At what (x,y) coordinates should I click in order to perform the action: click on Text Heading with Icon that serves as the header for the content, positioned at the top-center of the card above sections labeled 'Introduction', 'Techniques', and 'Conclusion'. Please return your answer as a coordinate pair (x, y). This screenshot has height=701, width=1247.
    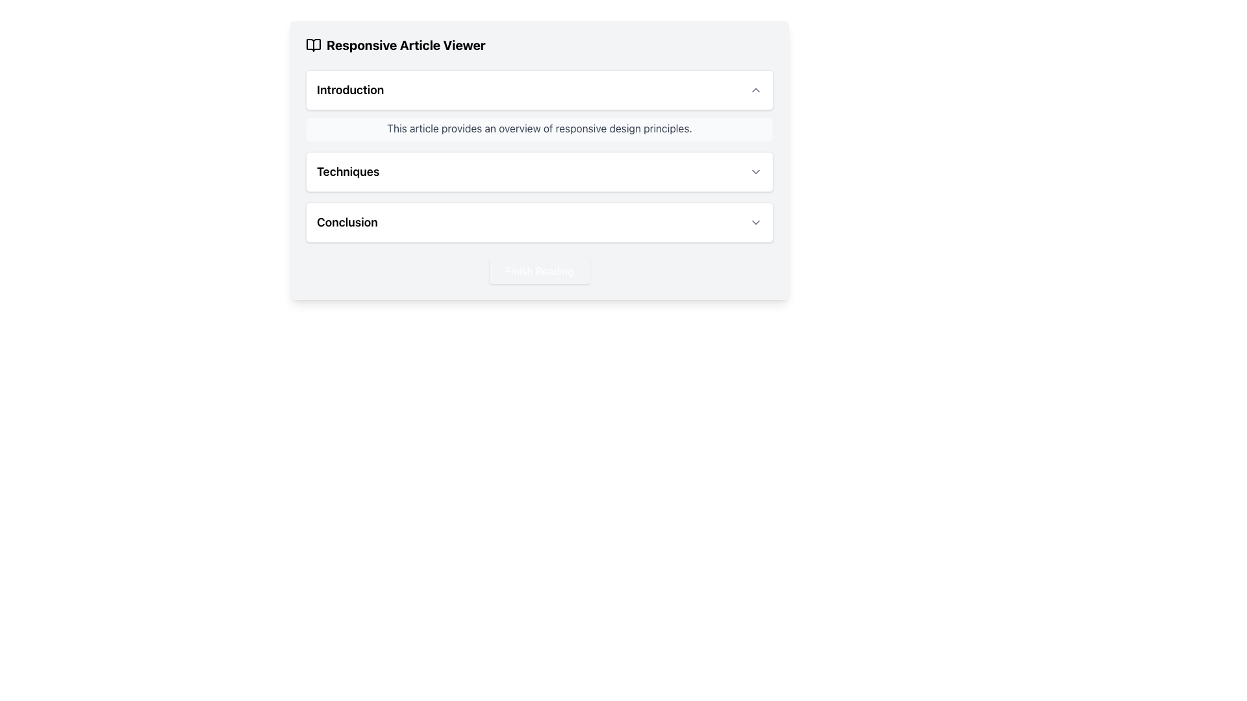
    Looking at the image, I should click on (539, 44).